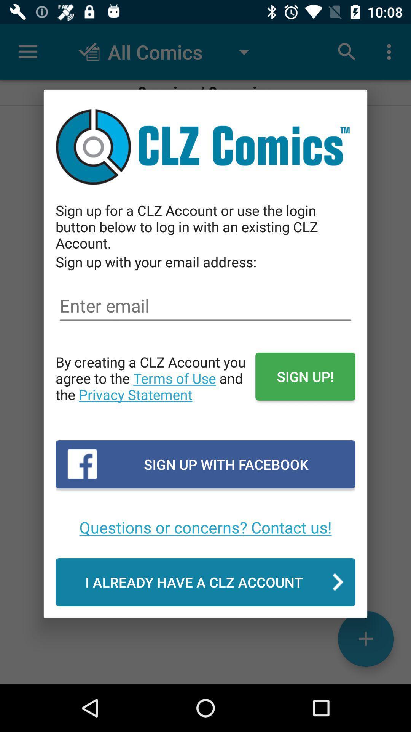 This screenshot has width=411, height=732. Describe the element at coordinates (155, 386) in the screenshot. I see `icon next to sign up! icon` at that location.